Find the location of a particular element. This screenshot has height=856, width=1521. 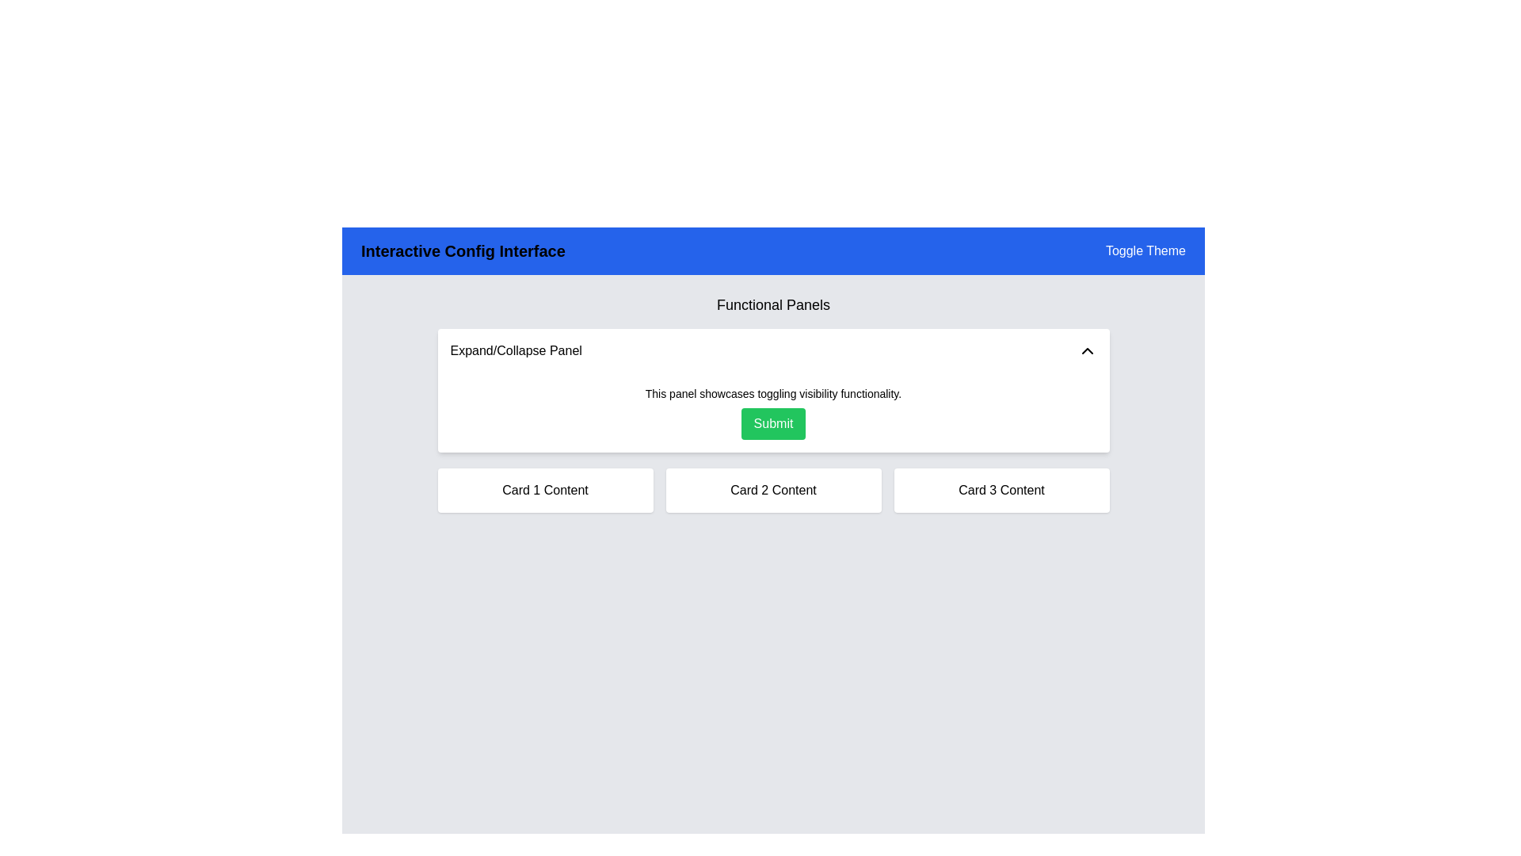

the green 'Submit' button located on the white rectangular panel under the title 'Expand/Collapse Panel' is located at coordinates (773, 411).